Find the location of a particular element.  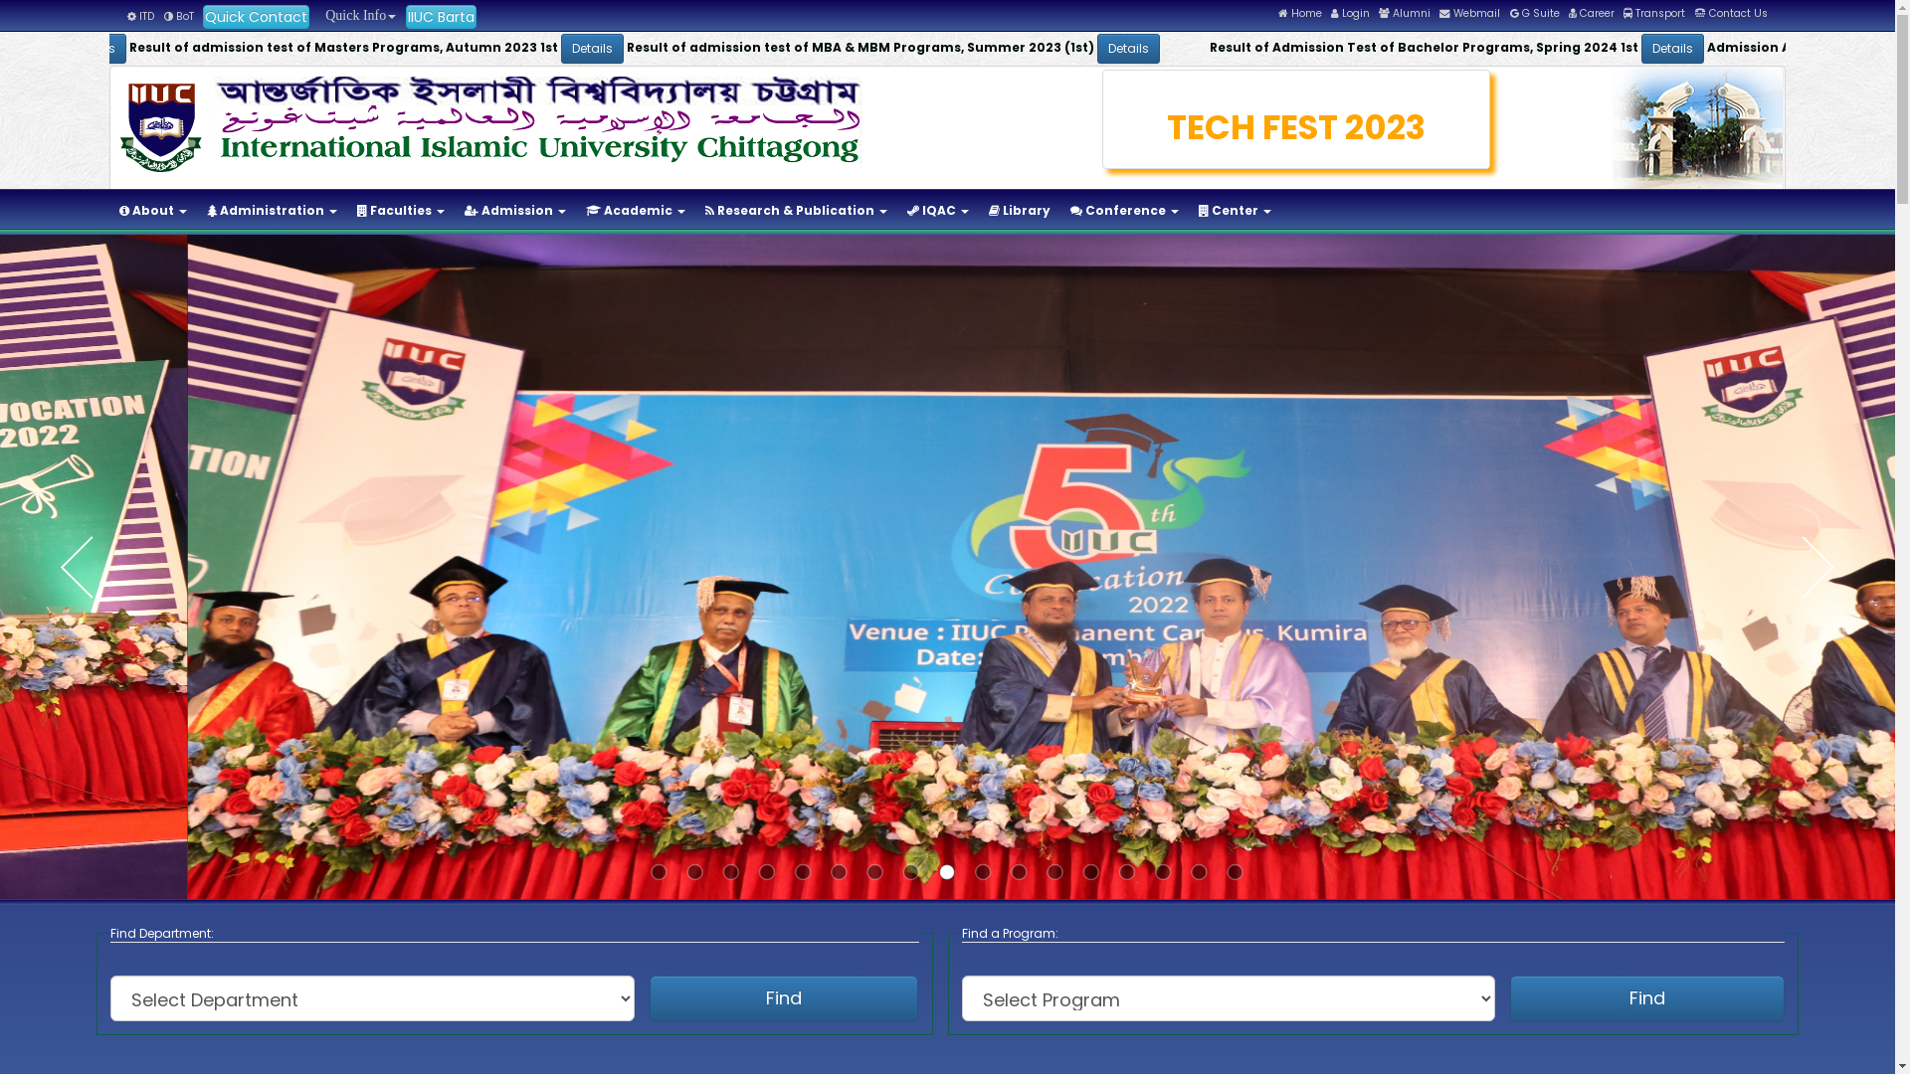

'G Suite' is located at coordinates (1533, 13).